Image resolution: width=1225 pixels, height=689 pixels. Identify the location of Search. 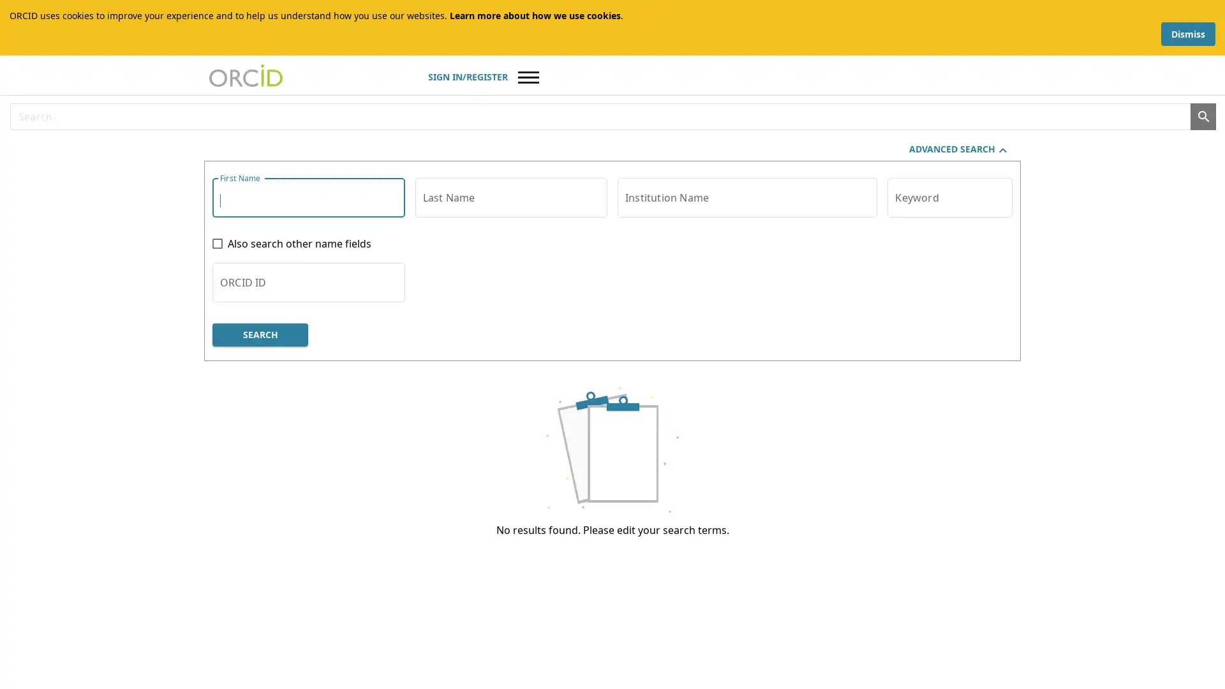
(1007, 98).